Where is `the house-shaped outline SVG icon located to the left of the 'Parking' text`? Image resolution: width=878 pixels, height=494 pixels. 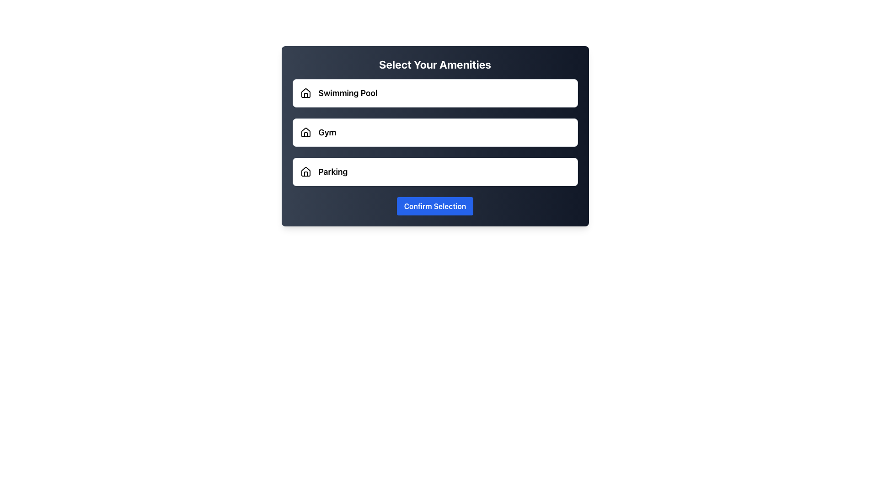
the house-shaped outline SVG icon located to the left of the 'Parking' text is located at coordinates (305, 172).